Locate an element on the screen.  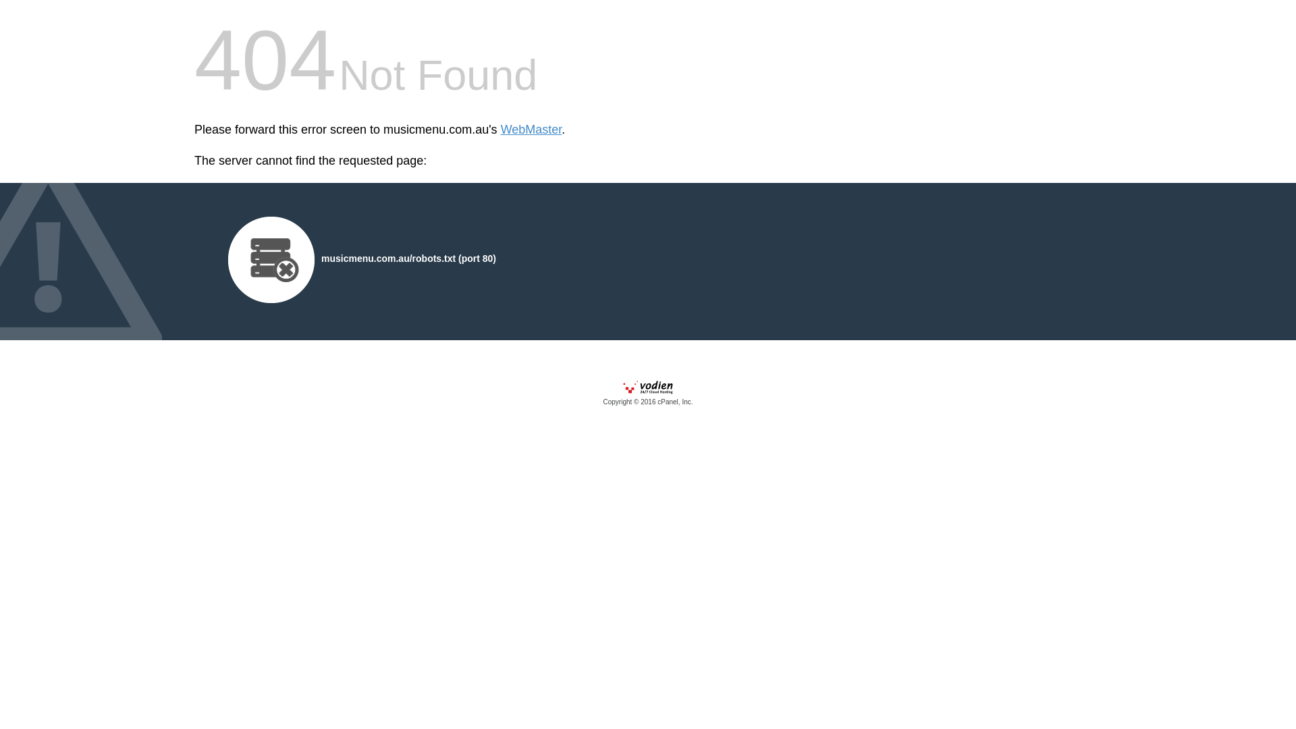
'WebMaster' is located at coordinates (531, 130).